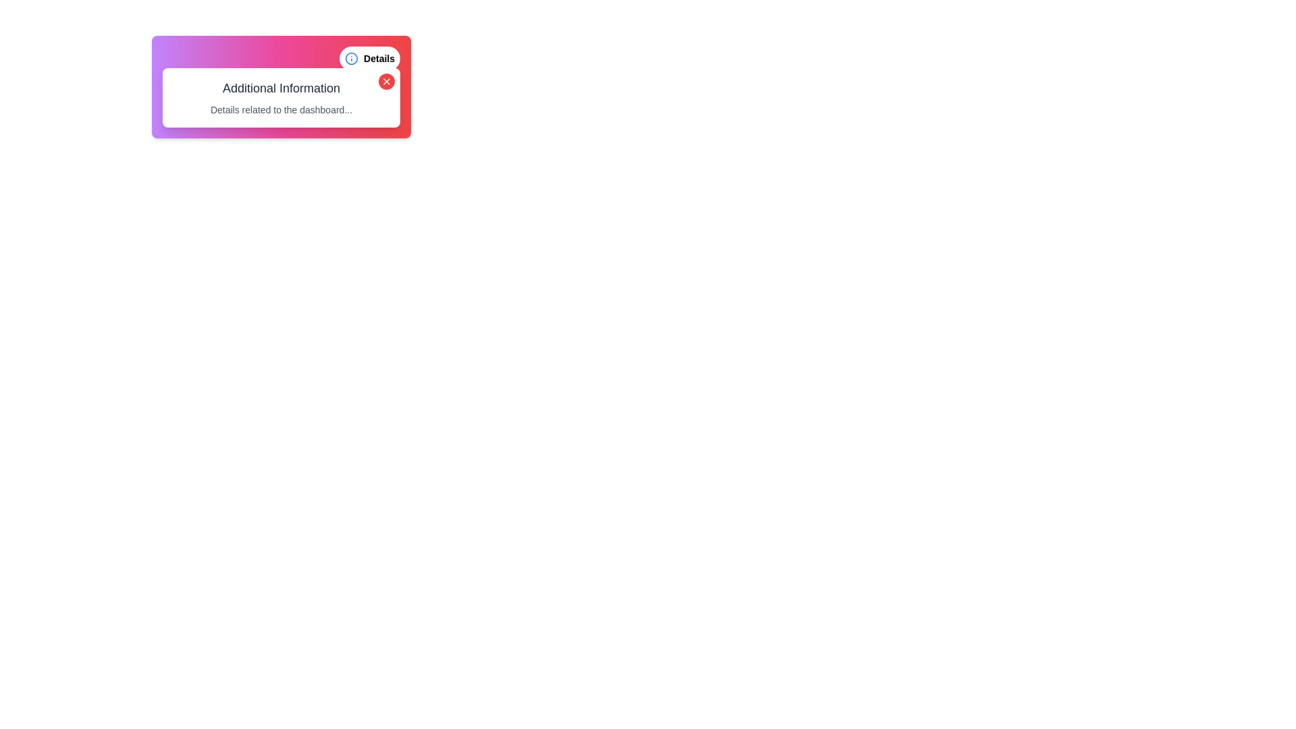 Image resolution: width=1296 pixels, height=729 pixels. I want to click on the close button located at the top-right corner of the card, adjacent to the text 'Additional Information', so click(385, 81).